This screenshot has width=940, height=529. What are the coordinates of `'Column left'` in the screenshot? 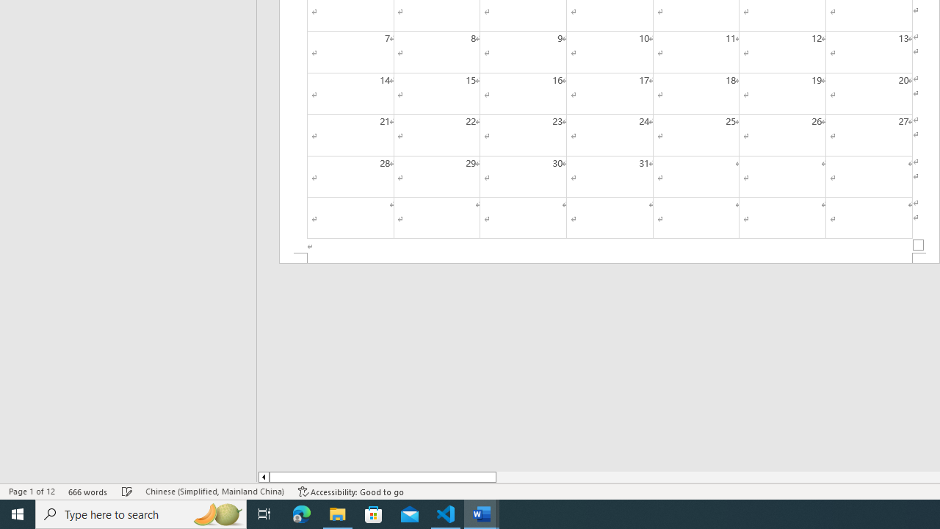 It's located at (263, 477).